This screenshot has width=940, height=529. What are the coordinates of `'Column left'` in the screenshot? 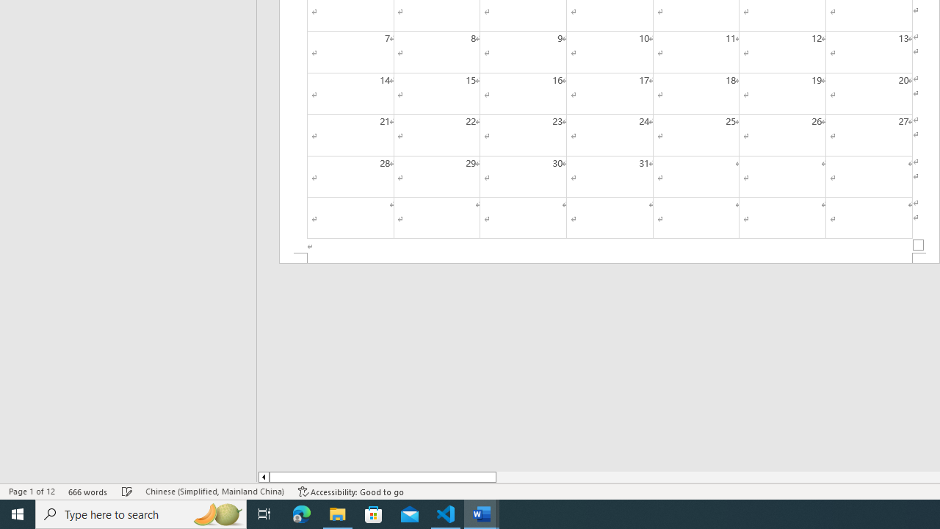 It's located at (263, 477).